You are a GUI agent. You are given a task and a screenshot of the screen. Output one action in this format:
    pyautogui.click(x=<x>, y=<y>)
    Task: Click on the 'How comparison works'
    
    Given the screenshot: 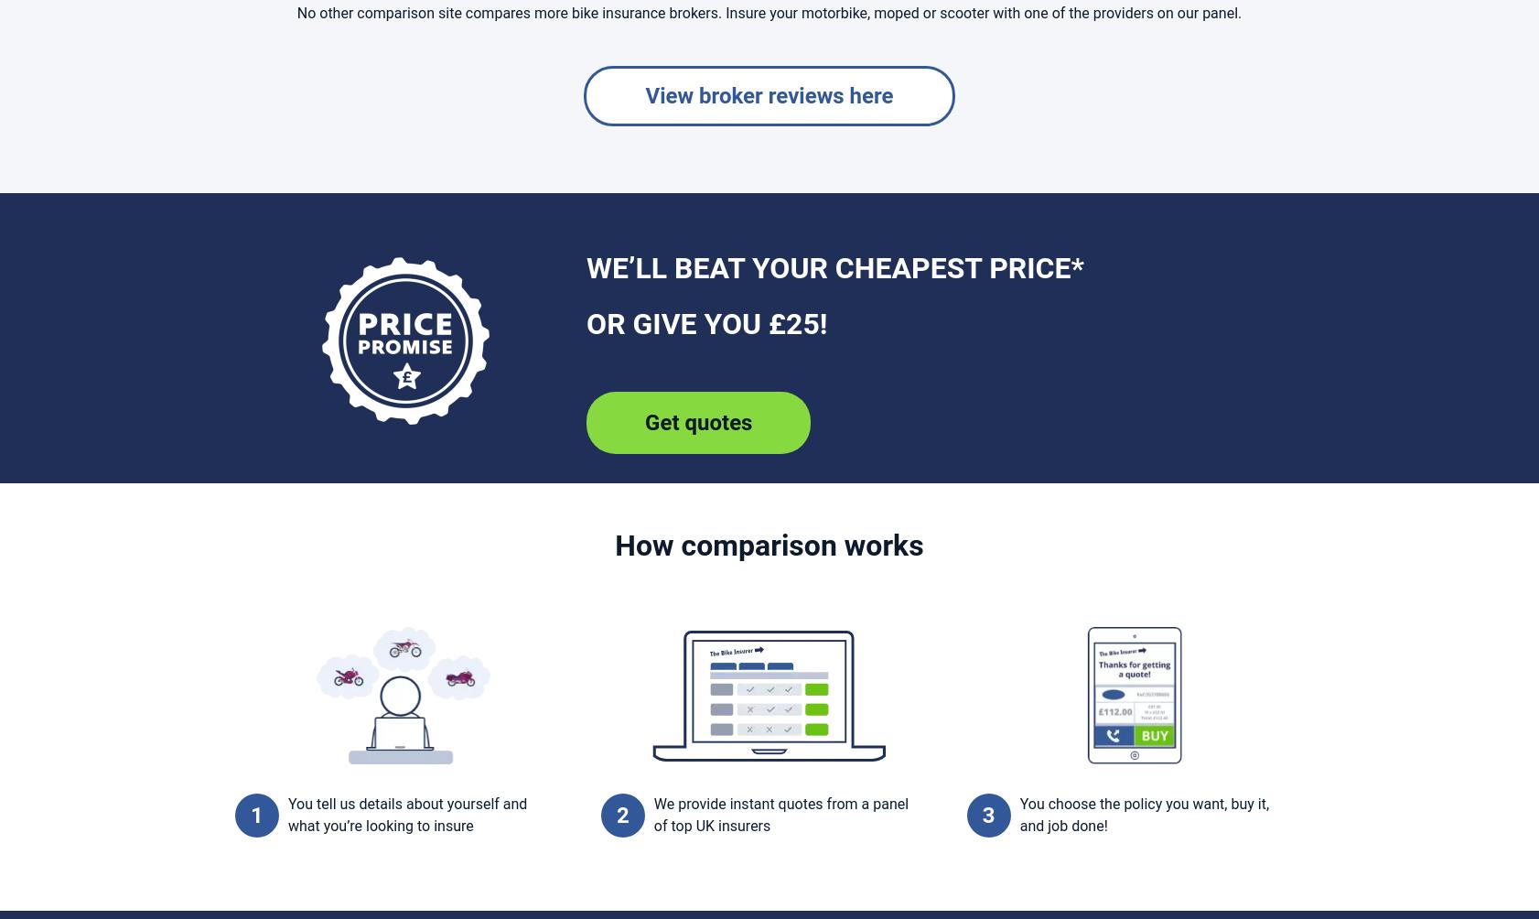 What is the action you would take?
    pyautogui.click(x=614, y=544)
    